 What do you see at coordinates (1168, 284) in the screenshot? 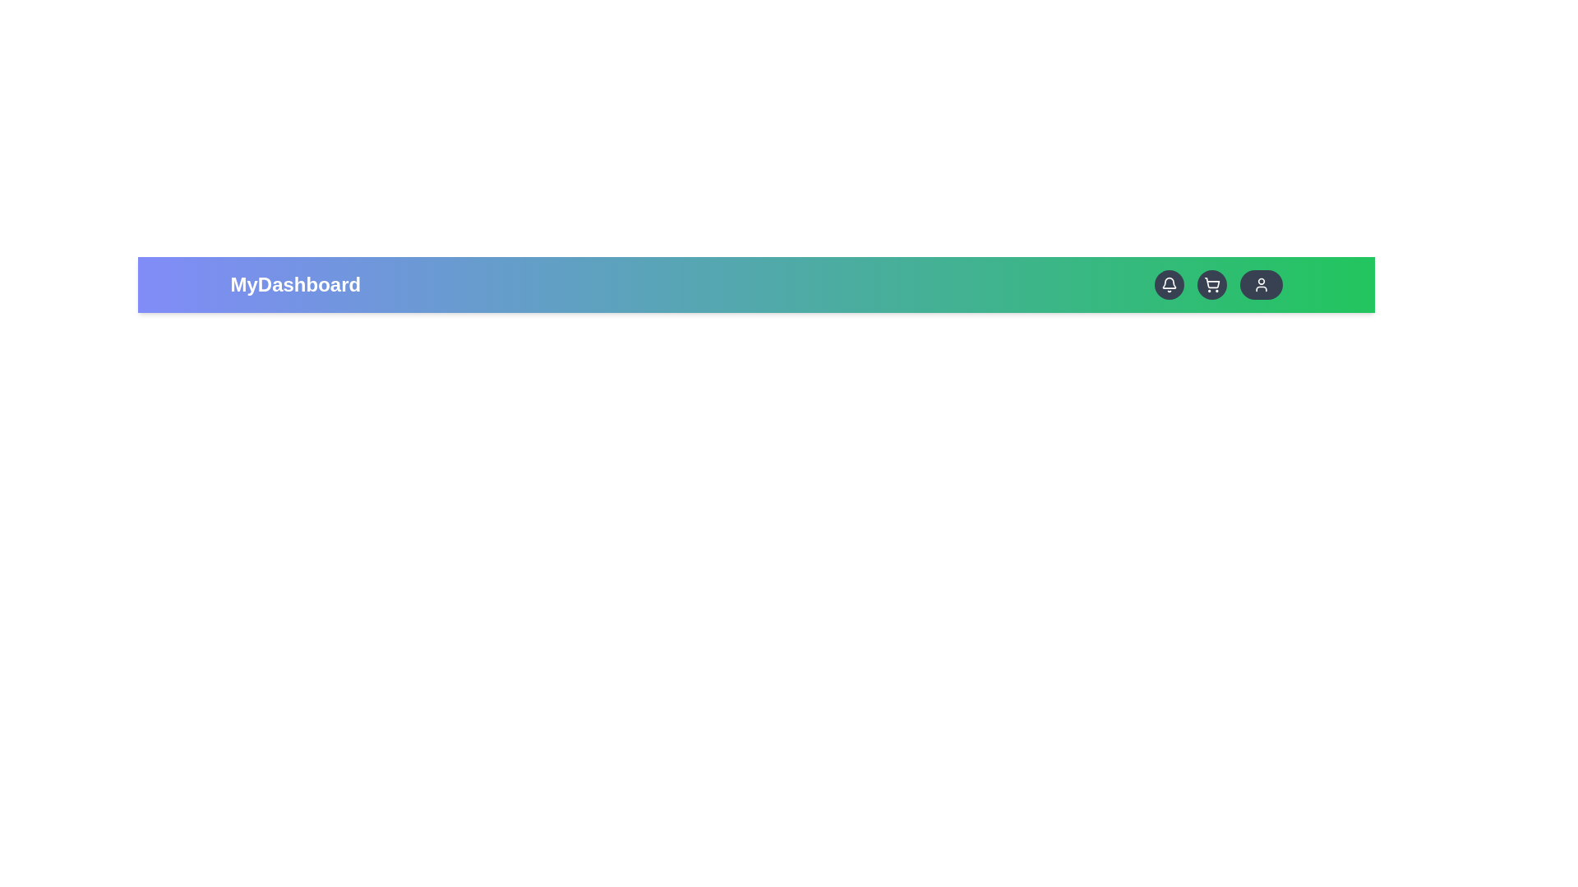
I see `the bell icon button to access notifications` at bounding box center [1168, 284].